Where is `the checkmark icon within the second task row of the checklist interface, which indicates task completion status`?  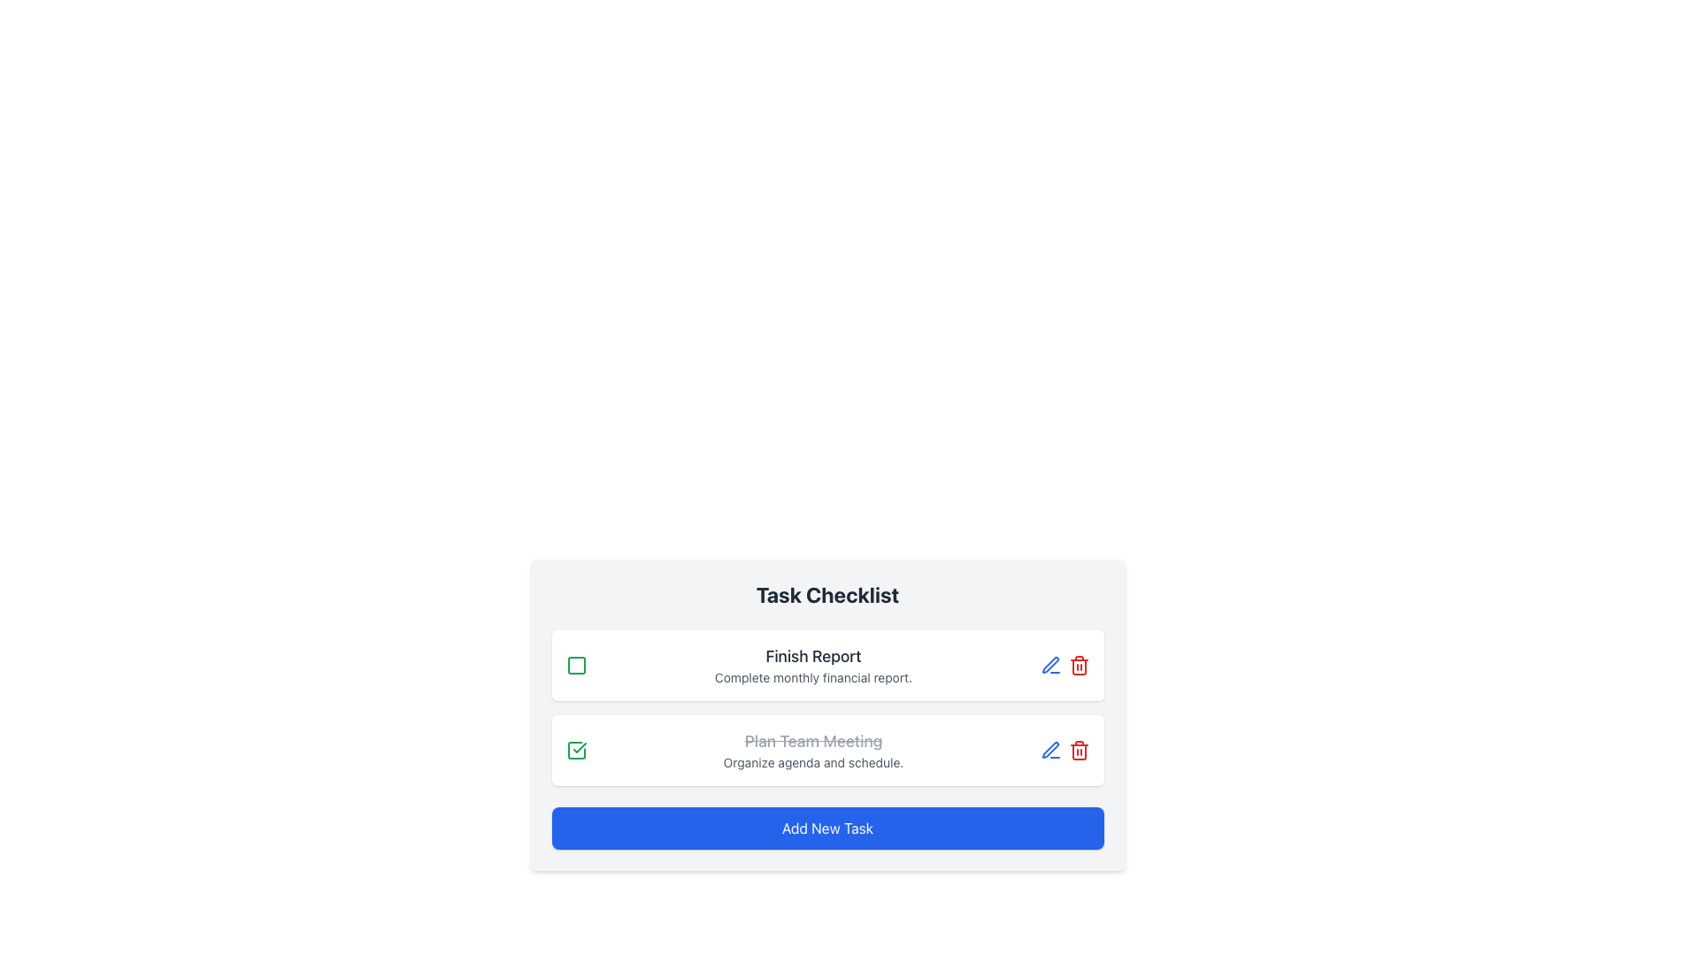 the checkmark icon within the second task row of the checklist interface, which indicates task completion status is located at coordinates (579, 747).